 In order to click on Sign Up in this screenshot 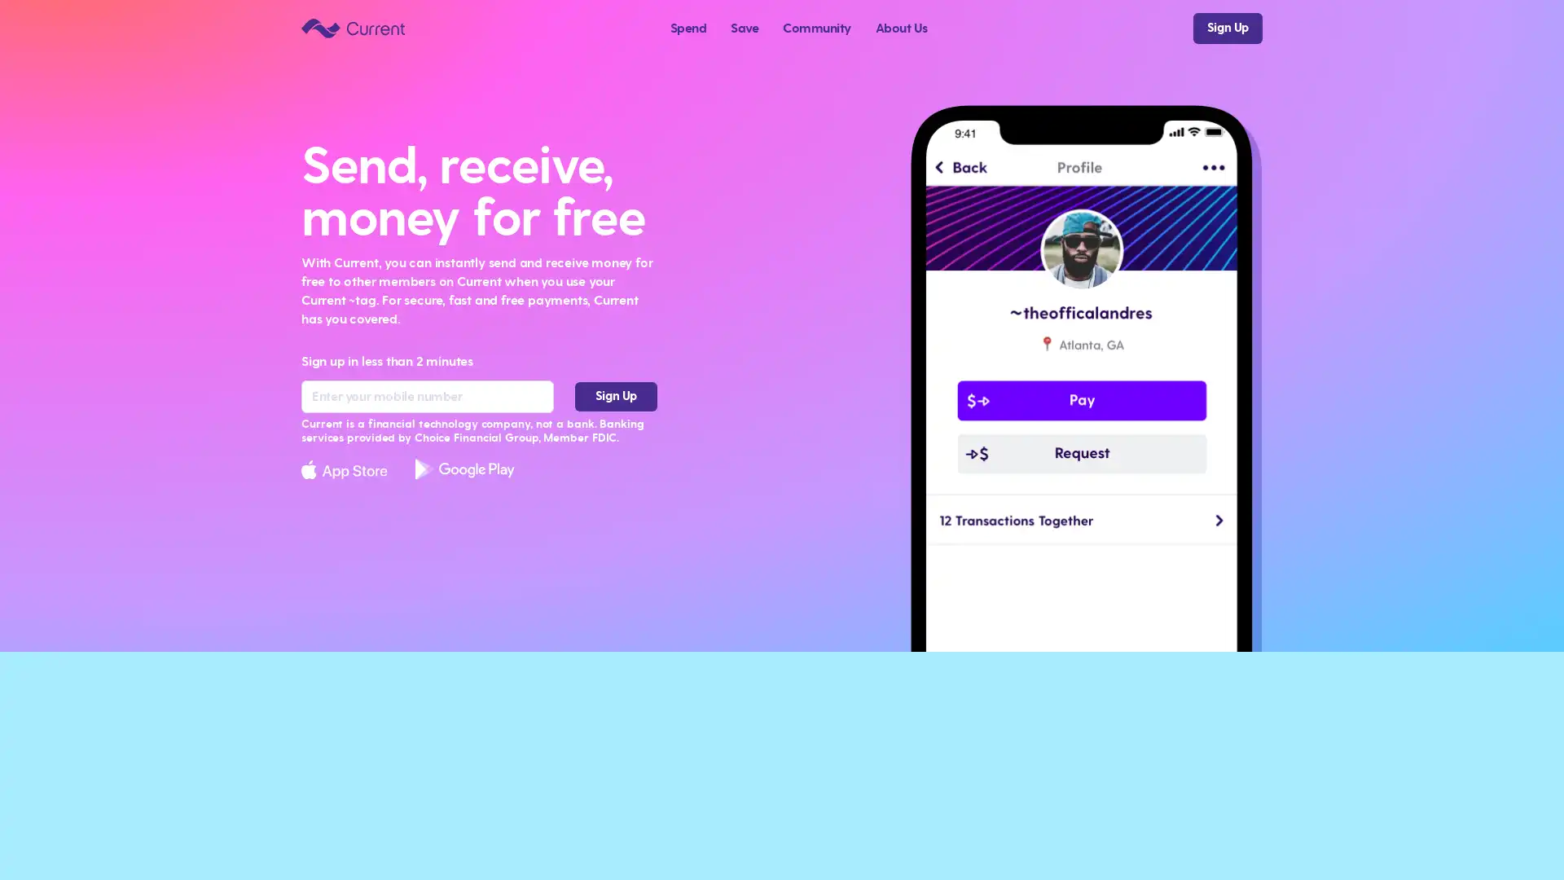, I will do `click(1225, 28)`.